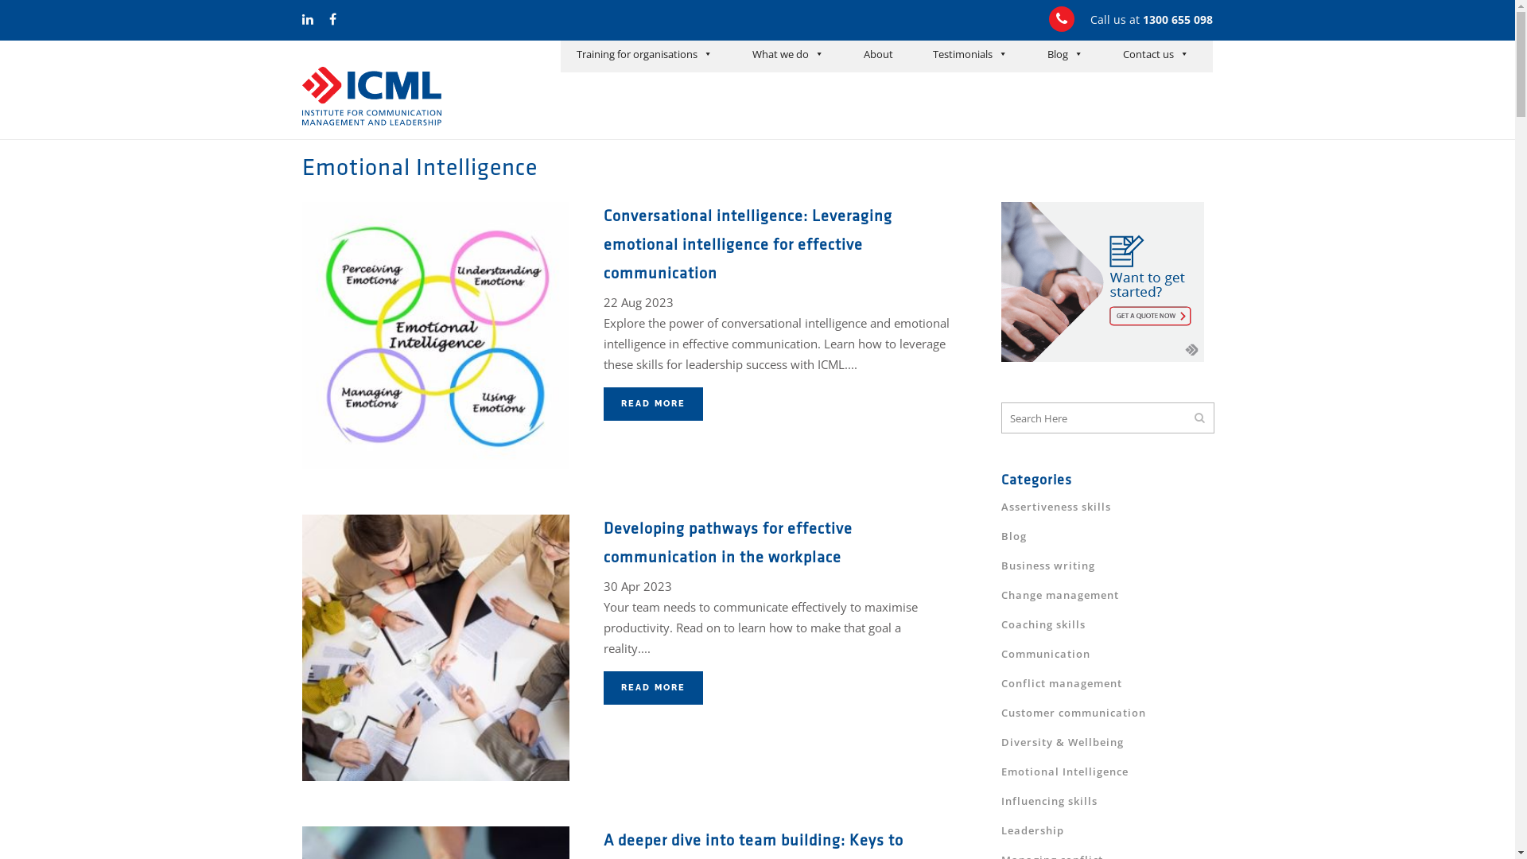 This screenshot has height=859, width=1527. What do you see at coordinates (1048, 564) in the screenshot?
I see `'Business writing'` at bounding box center [1048, 564].